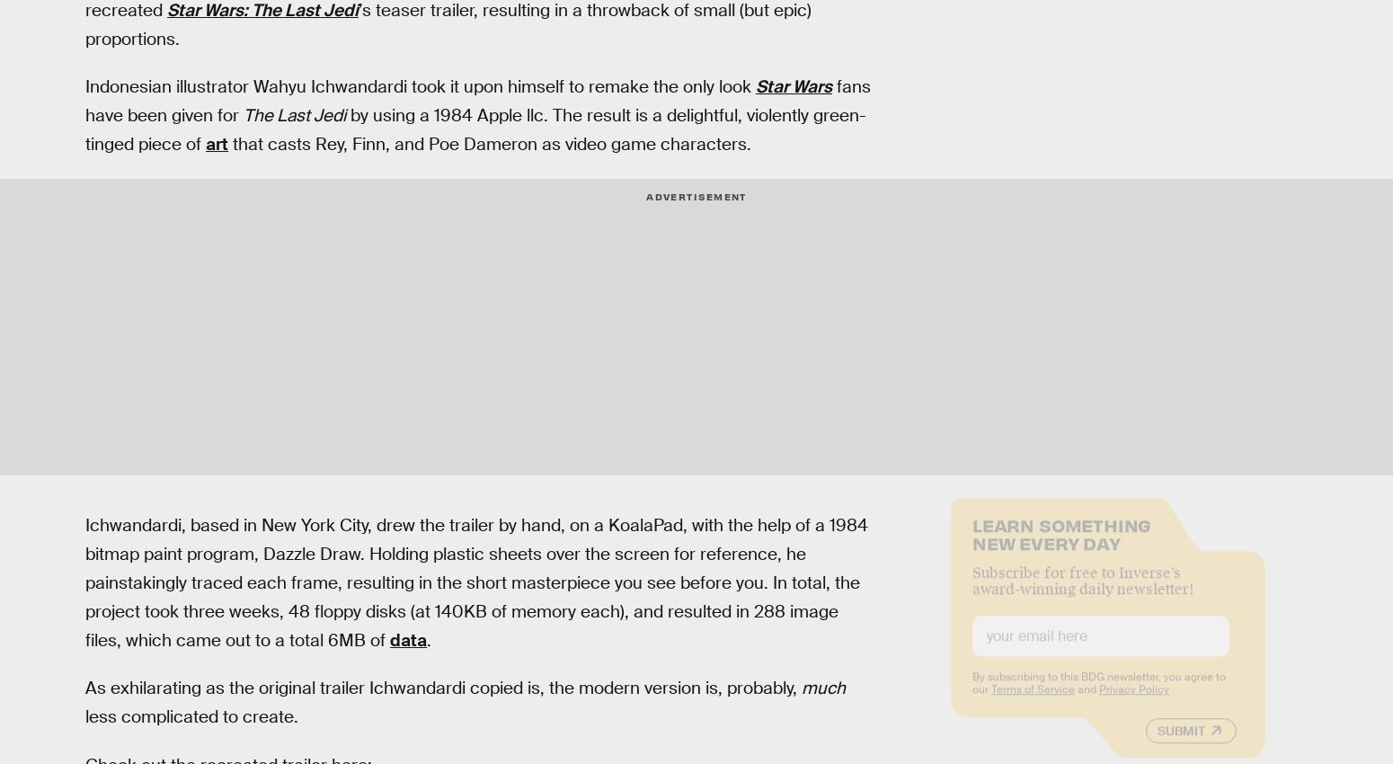 The width and height of the screenshot is (1393, 764). What do you see at coordinates (243, 115) in the screenshot?
I see `'The Last Jedi'` at bounding box center [243, 115].